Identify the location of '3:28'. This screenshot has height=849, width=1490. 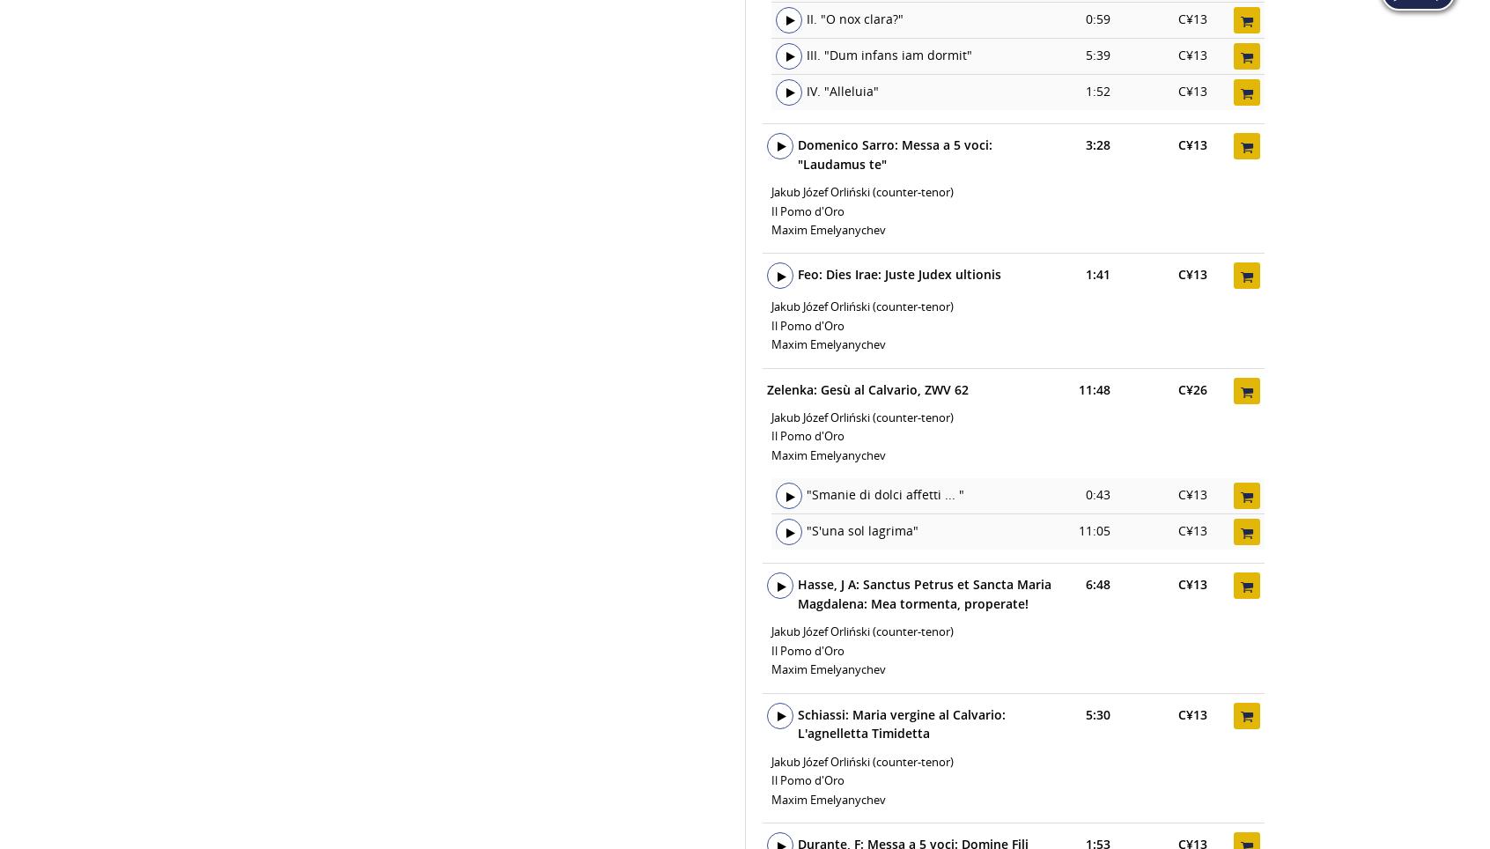
(1084, 143).